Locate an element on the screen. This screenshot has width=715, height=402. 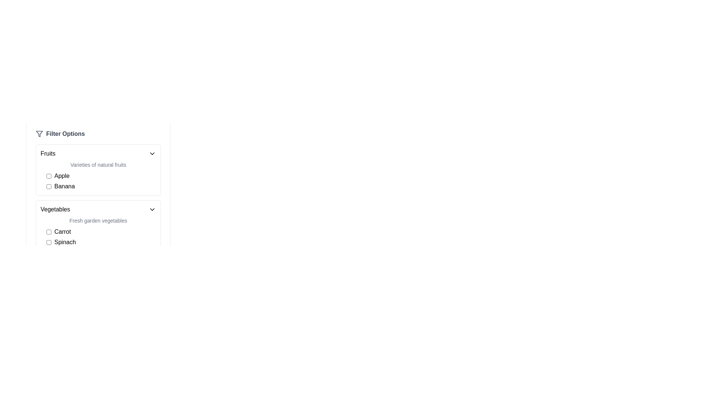
the small square checkbox with rounded corners and a blue outline located to the left of the text label 'Banana' in the 'Fruits' section is located at coordinates (48, 186).